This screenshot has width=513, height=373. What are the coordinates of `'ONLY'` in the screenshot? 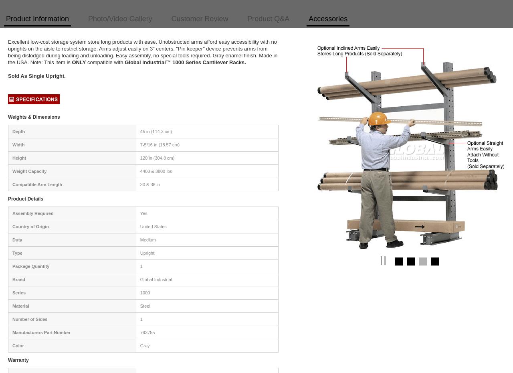 It's located at (79, 62).